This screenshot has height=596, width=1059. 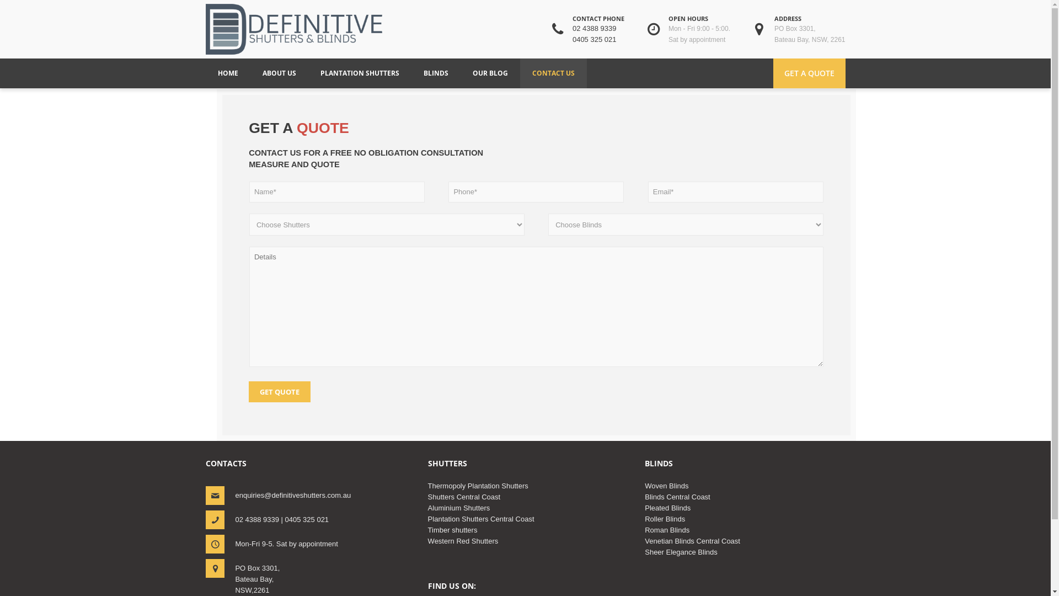 What do you see at coordinates (666, 485) in the screenshot?
I see `'Woven Blinds'` at bounding box center [666, 485].